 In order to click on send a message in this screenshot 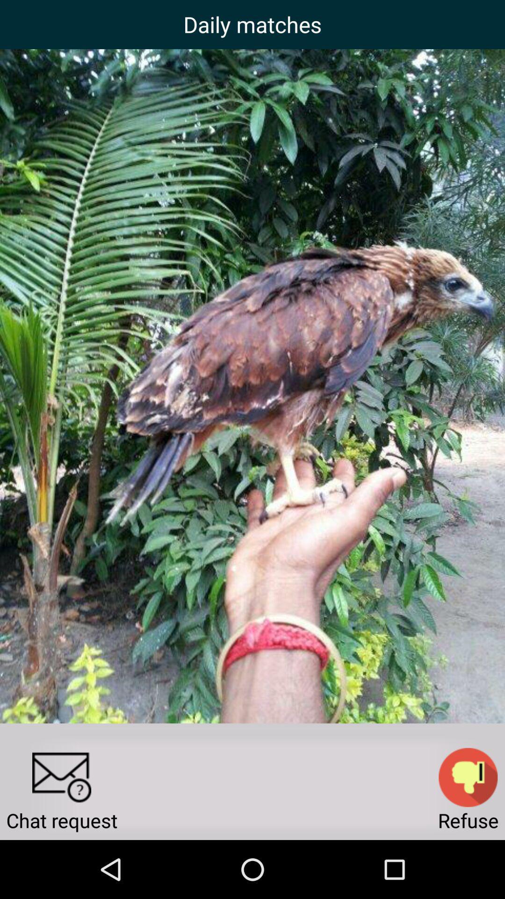, I will do `click(61, 777)`.